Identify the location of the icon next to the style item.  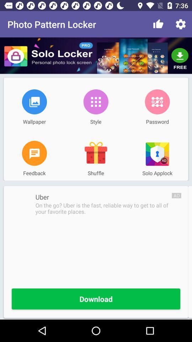
(157, 101).